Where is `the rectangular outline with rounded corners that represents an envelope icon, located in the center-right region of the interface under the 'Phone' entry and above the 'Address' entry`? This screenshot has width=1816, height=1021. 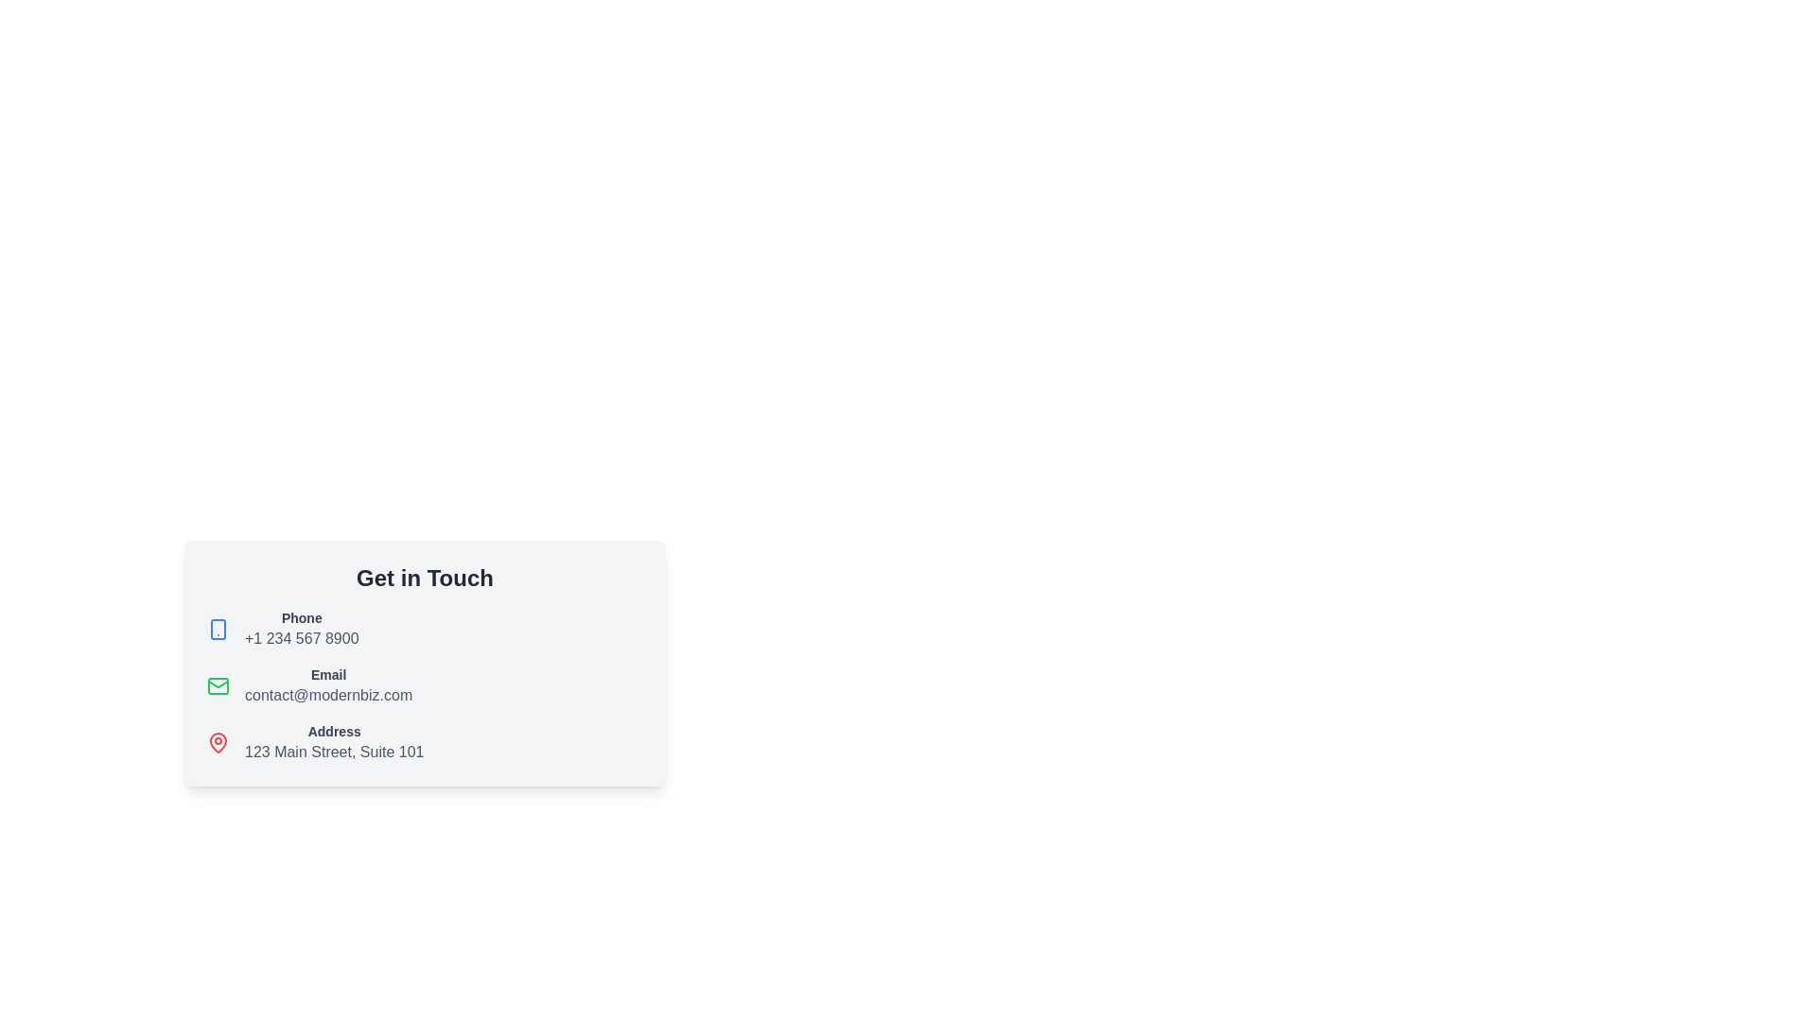
the rectangular outline with rounded corners that represents an envelope icon, located in the center-right region of the interface under the 'Phone' entry and above the 'Address' entry is located at coordinates (218, 685).